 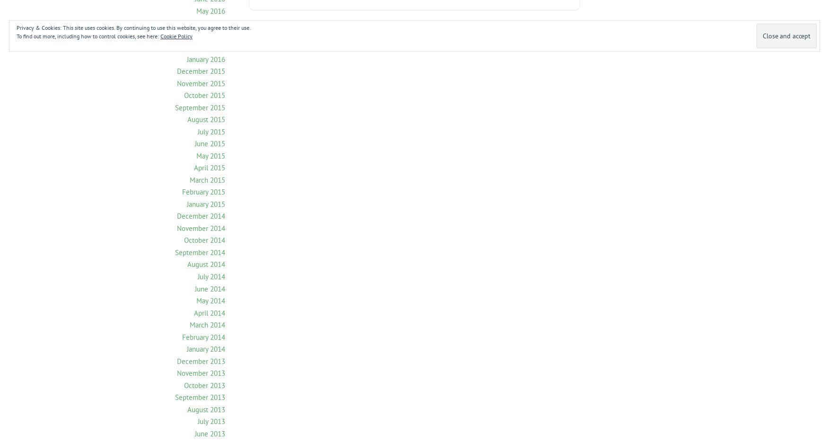 I want to click on 'November 2014', so click(x=201, y=227).